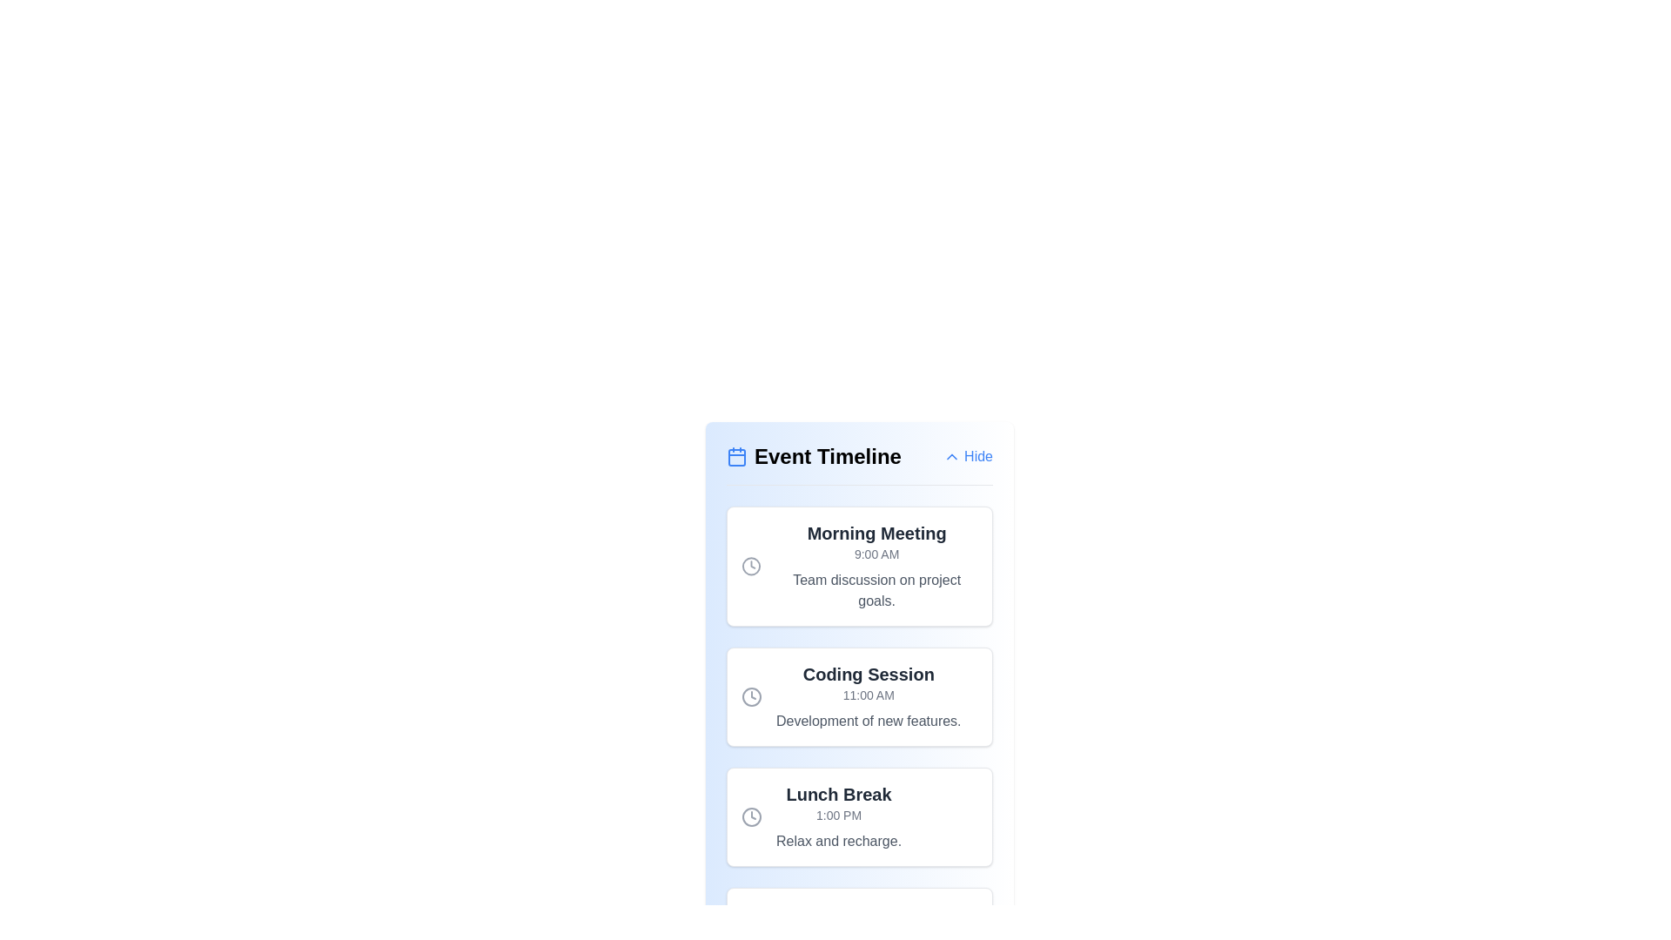  I want to click on the text element that describes the activity or task associated with the event titled 'Coding Session', which is positioned beneath '11:00 AM', so click(869, 722).